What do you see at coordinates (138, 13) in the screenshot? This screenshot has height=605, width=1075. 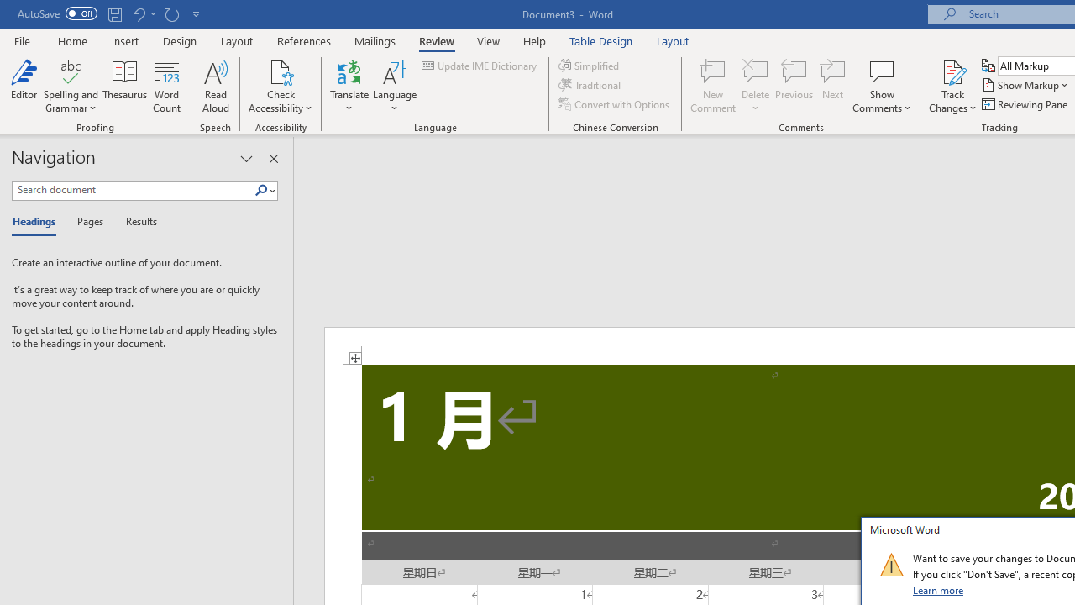 I see `'Undo Increase Indent'` at bounding box center [138, 13].